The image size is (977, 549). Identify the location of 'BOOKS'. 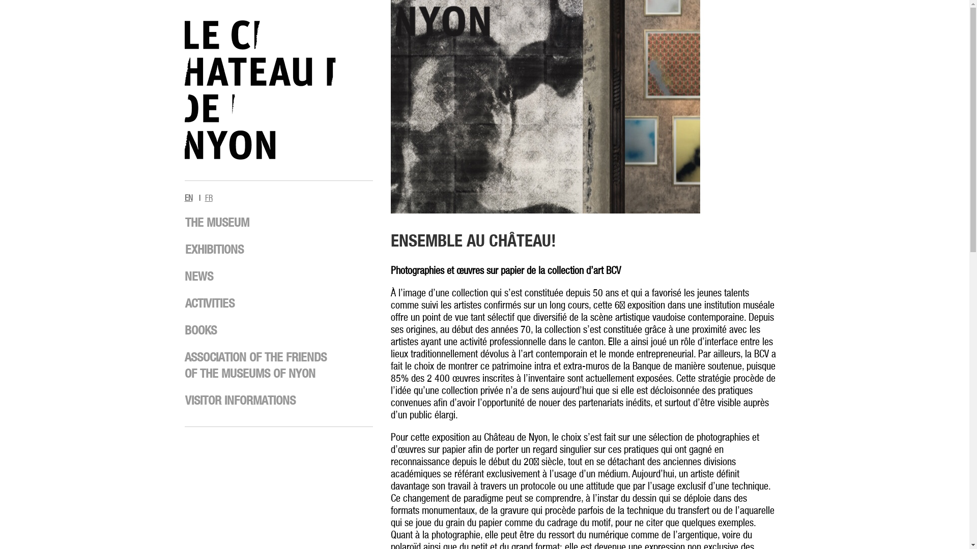
(200, 329).